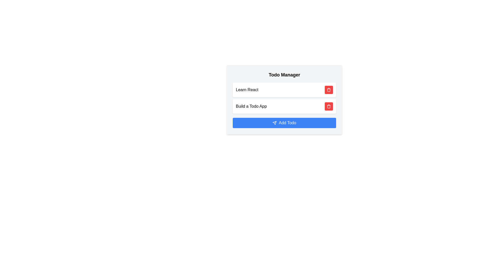  I want to click on the static text element that reads 'Build a Todo App', which is located in the second todo card, below 'Learn React' and to the left of the delete button, so click(251, 106).